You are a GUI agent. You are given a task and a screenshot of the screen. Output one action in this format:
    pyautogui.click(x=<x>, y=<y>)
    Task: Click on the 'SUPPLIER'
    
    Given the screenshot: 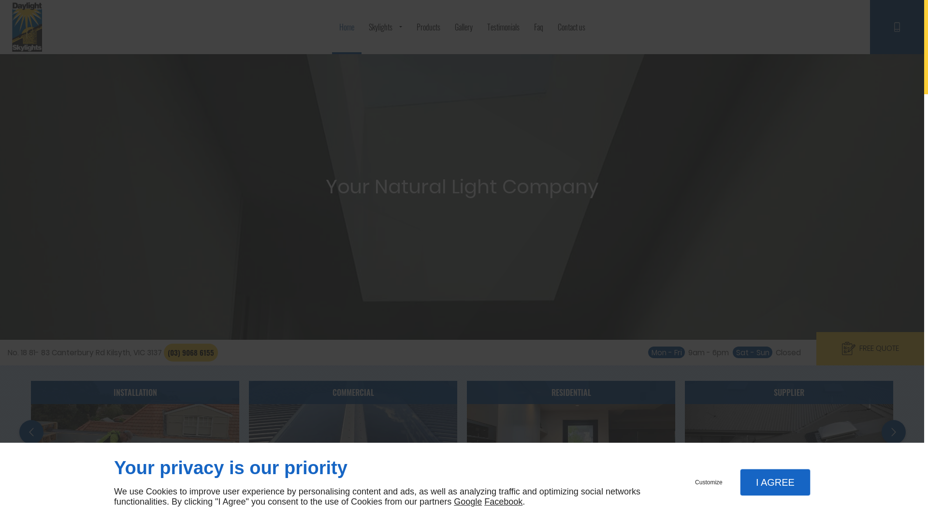 What is the action you would take?
    pyautogui.click(x=789, y=434)
    